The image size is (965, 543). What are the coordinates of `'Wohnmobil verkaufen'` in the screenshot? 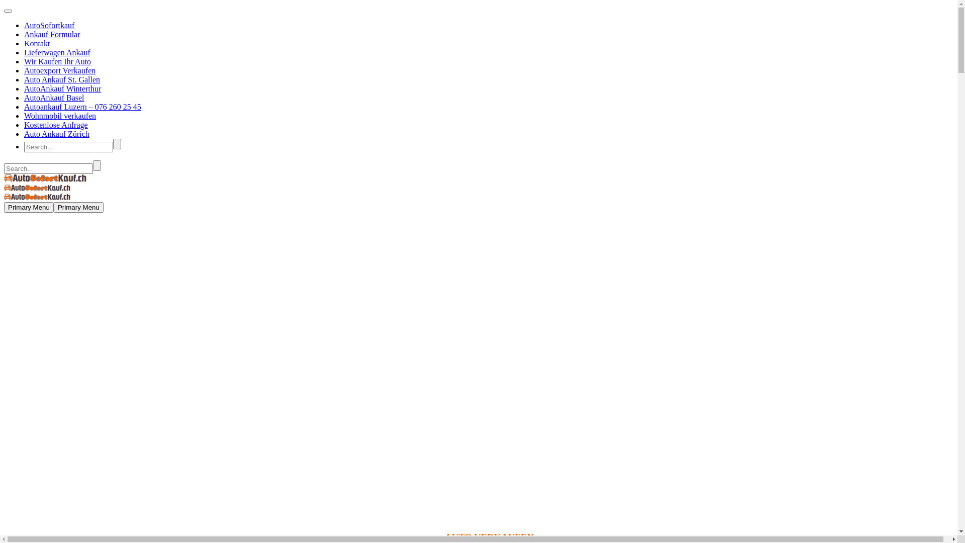 It's located at (59, 115).